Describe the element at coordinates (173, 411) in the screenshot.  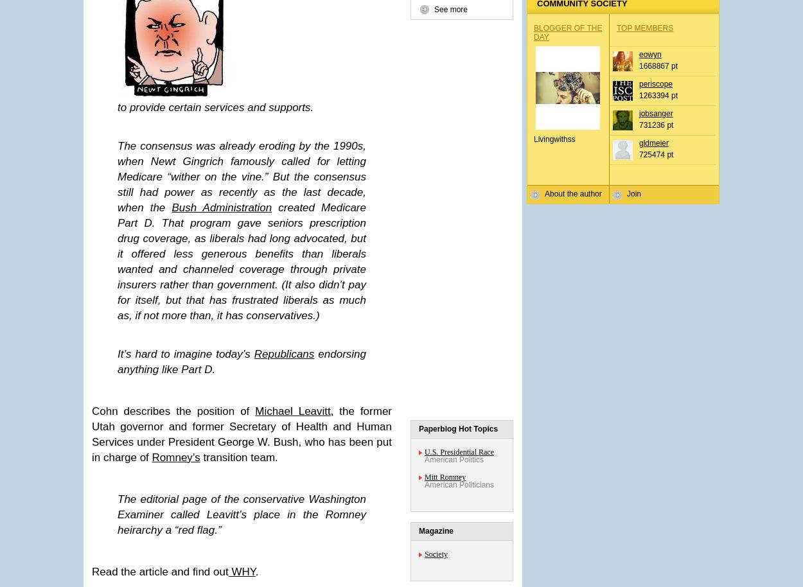
I see `'Cohn describes the position of'` at that location.